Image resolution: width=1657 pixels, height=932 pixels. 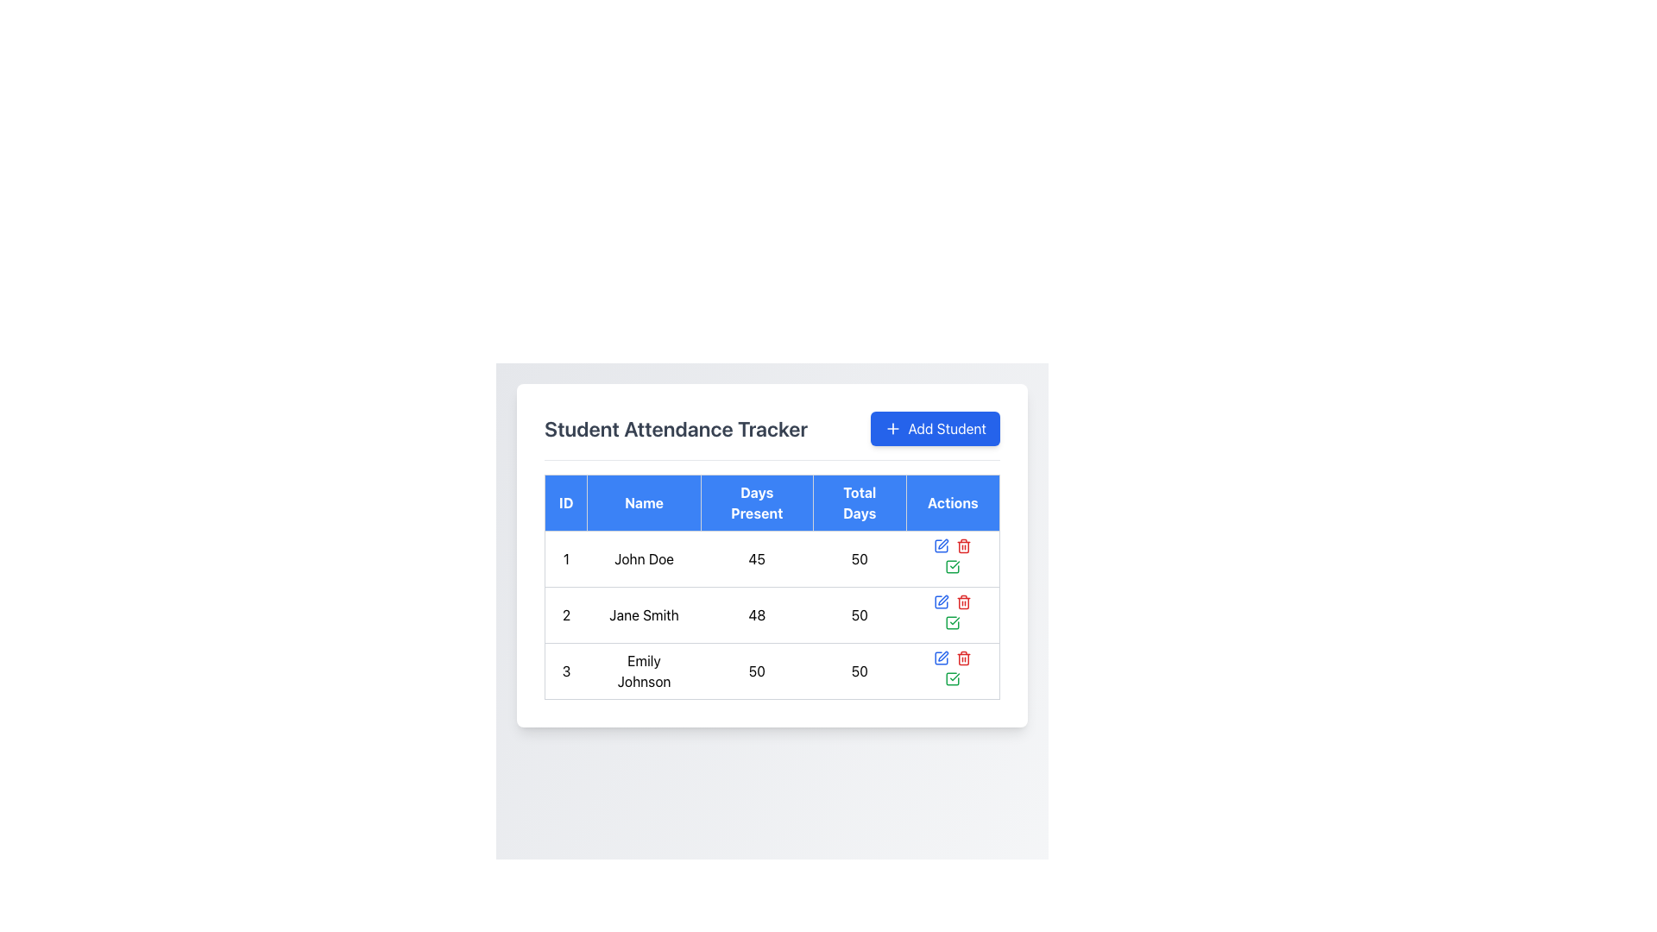 What do you see at coordinates (757, 559) in the screenshot?
I see `the attendance days text for 'John Doe' located in the third column of the first row of the table` at bounding box center [757, 559].